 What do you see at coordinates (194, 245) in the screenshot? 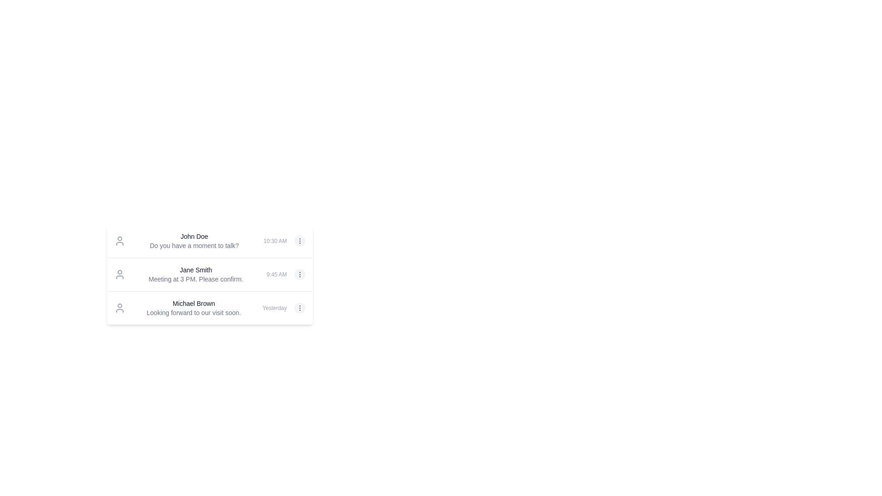
I see `displayed text from the Text Label located below 'John Doe' in the messaging interface` at bounding box center [194, 245].